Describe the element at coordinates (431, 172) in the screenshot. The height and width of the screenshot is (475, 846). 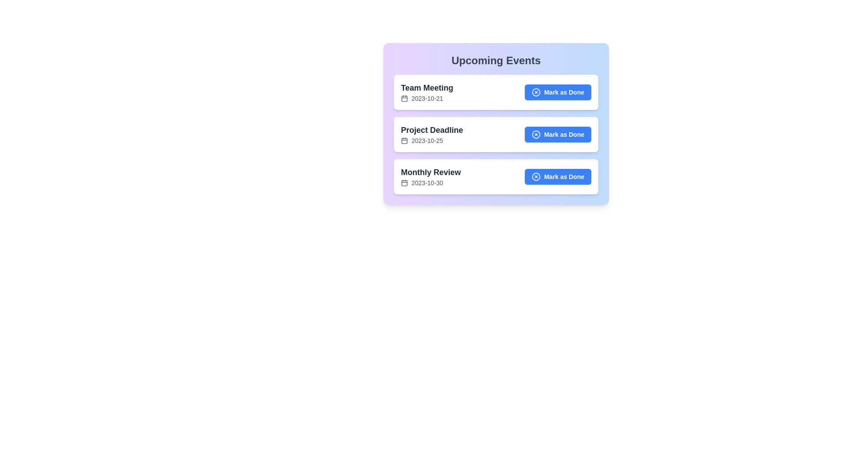
I see `the text of the event title Monthly Review` at that location.